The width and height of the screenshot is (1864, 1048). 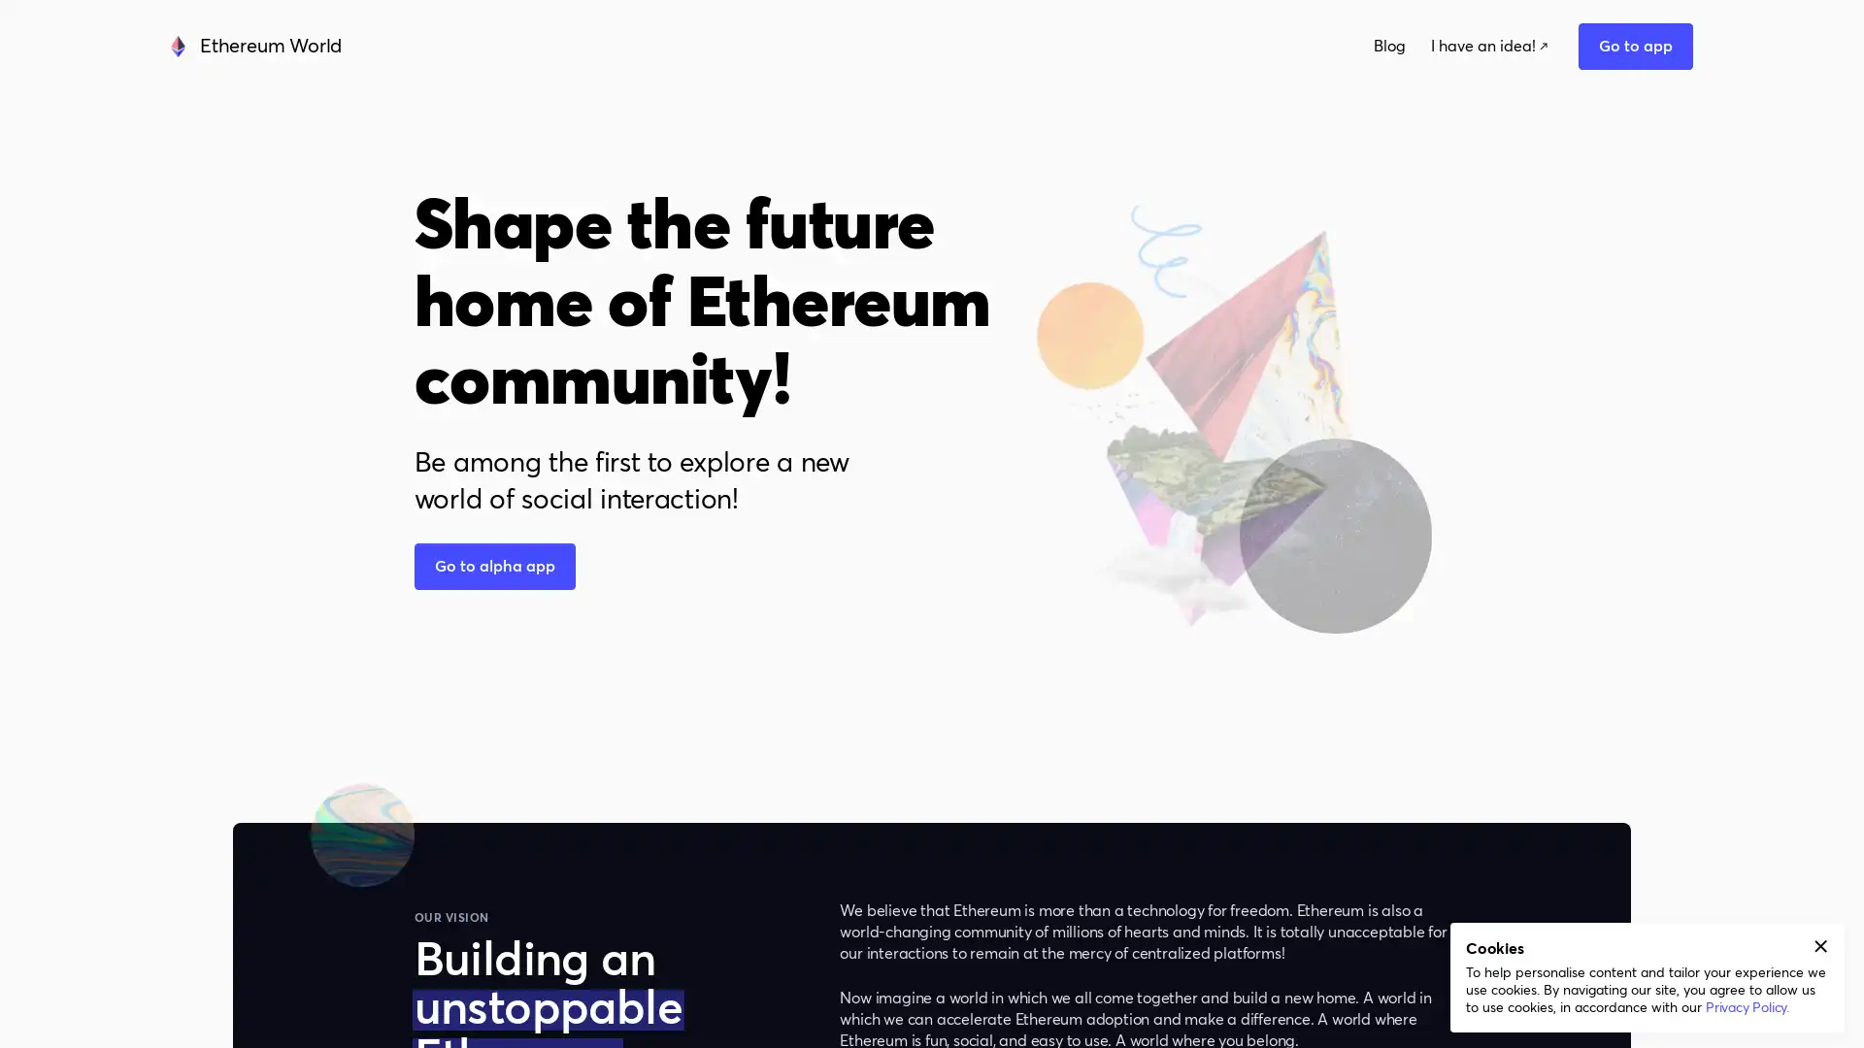 What do you see at coordinates (493, 579) in the screenshot?
I see `button` at bounding box center [493, 579].